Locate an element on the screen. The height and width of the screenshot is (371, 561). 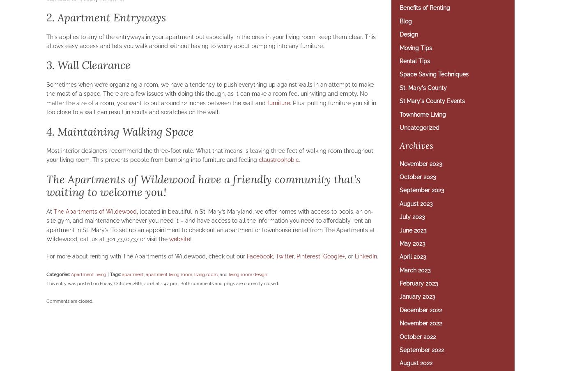
'!' is located at coordinates (190, 238).